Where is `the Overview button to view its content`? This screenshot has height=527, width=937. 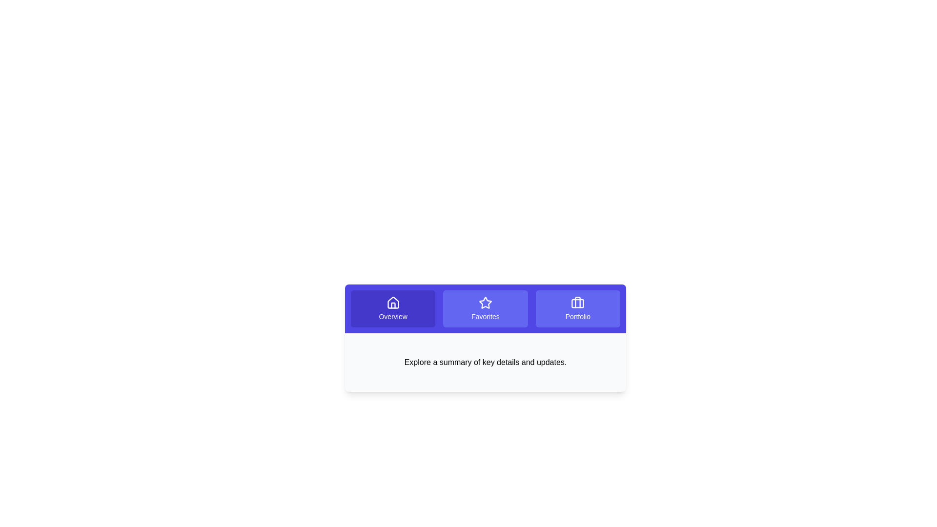 the Overview button to view its content is located at coordinates (393, 308).